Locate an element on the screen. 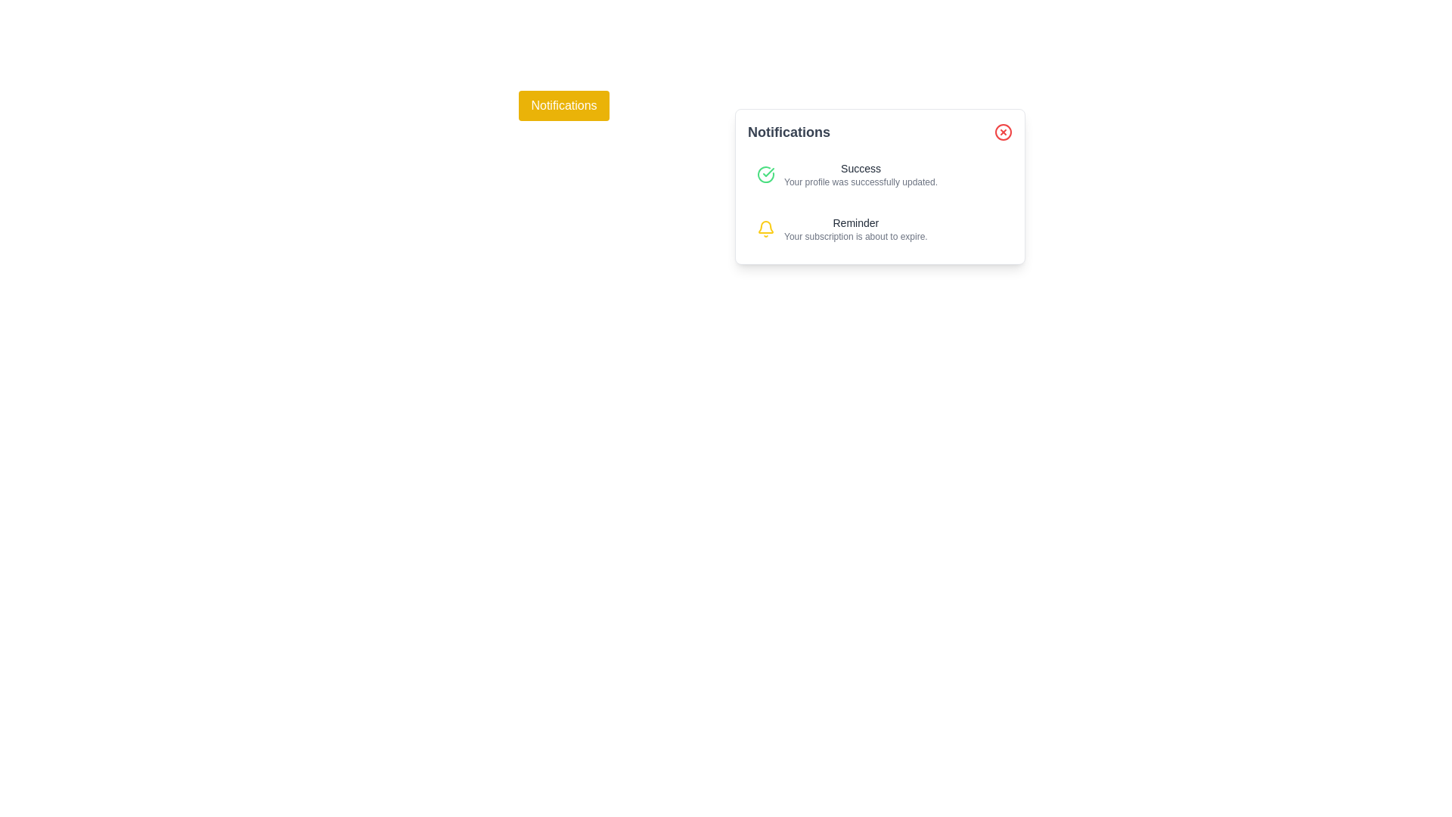 This screenshot has height=817, width=1452. the text block displaying 'Success' and 'Your profile was successfully updated.' within the Notifications box is located at coordinates (861, 174).